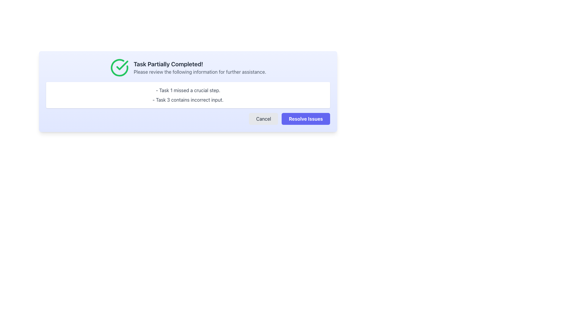  Describe the element at coordinates (188, 99) in the screenshot. I see `the text element that reads '- Task 3 contains incorrect input.' which is the second line in a two-item list within a light-colored rectangular box below another entry and is surrounded by a purple background` at that location.